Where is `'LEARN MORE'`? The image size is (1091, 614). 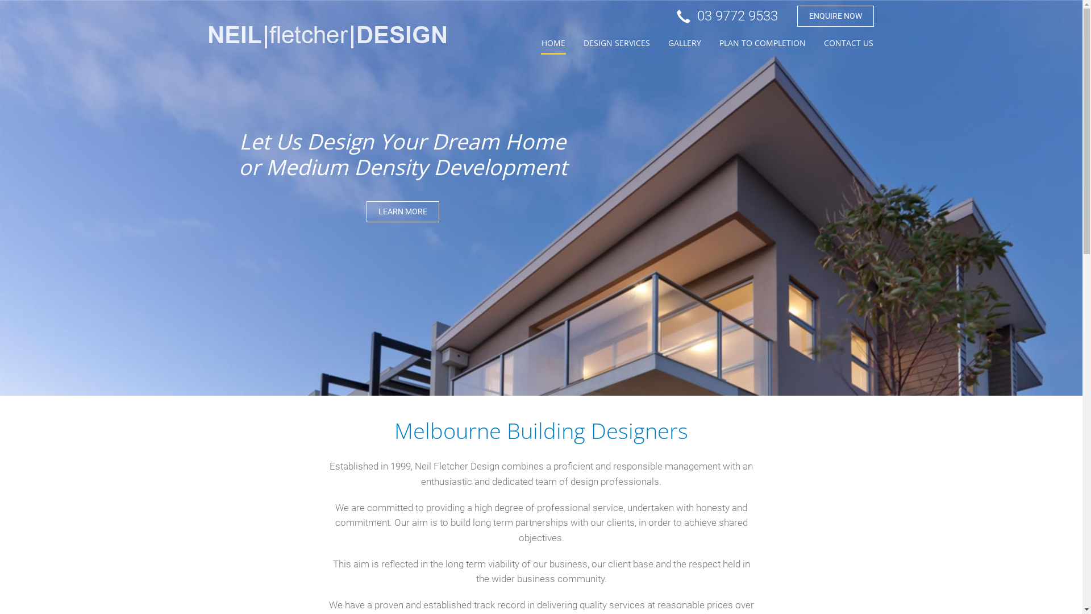 'LEARN MORE' is located at coordinates (366, 211).